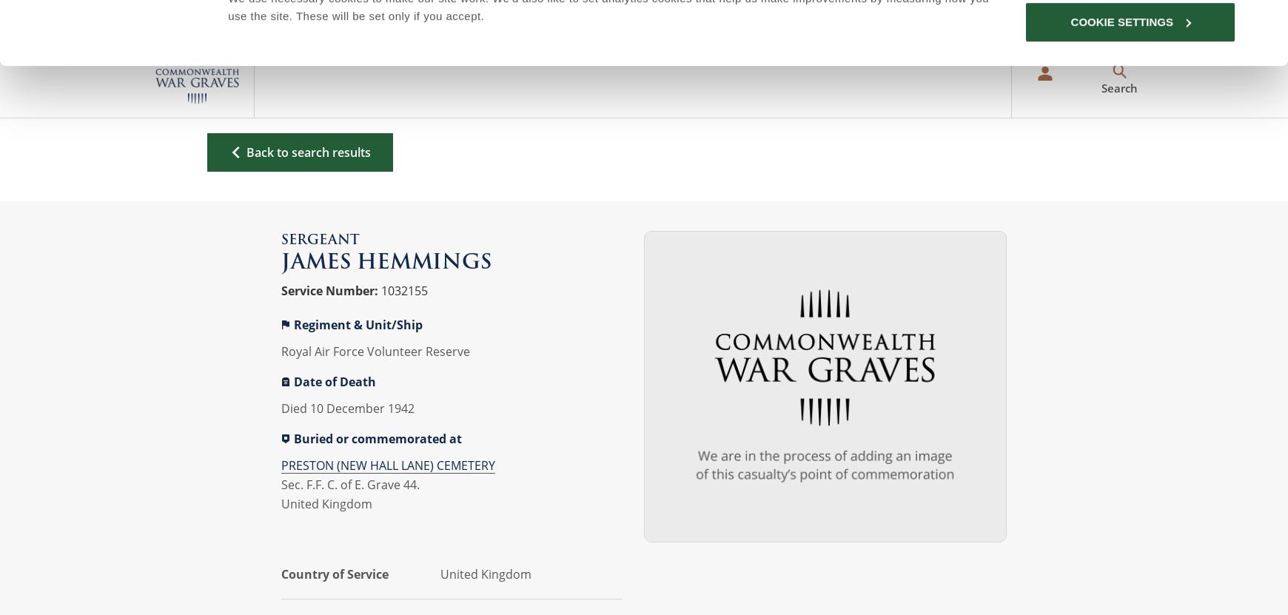 Image resolution: width=1288 pixels, height=615 pixels. What do you see at coordinates (358, 324) in the screenshot?
I see `'Regiment & Unit/Ship'` at bounding box center [358, 324].